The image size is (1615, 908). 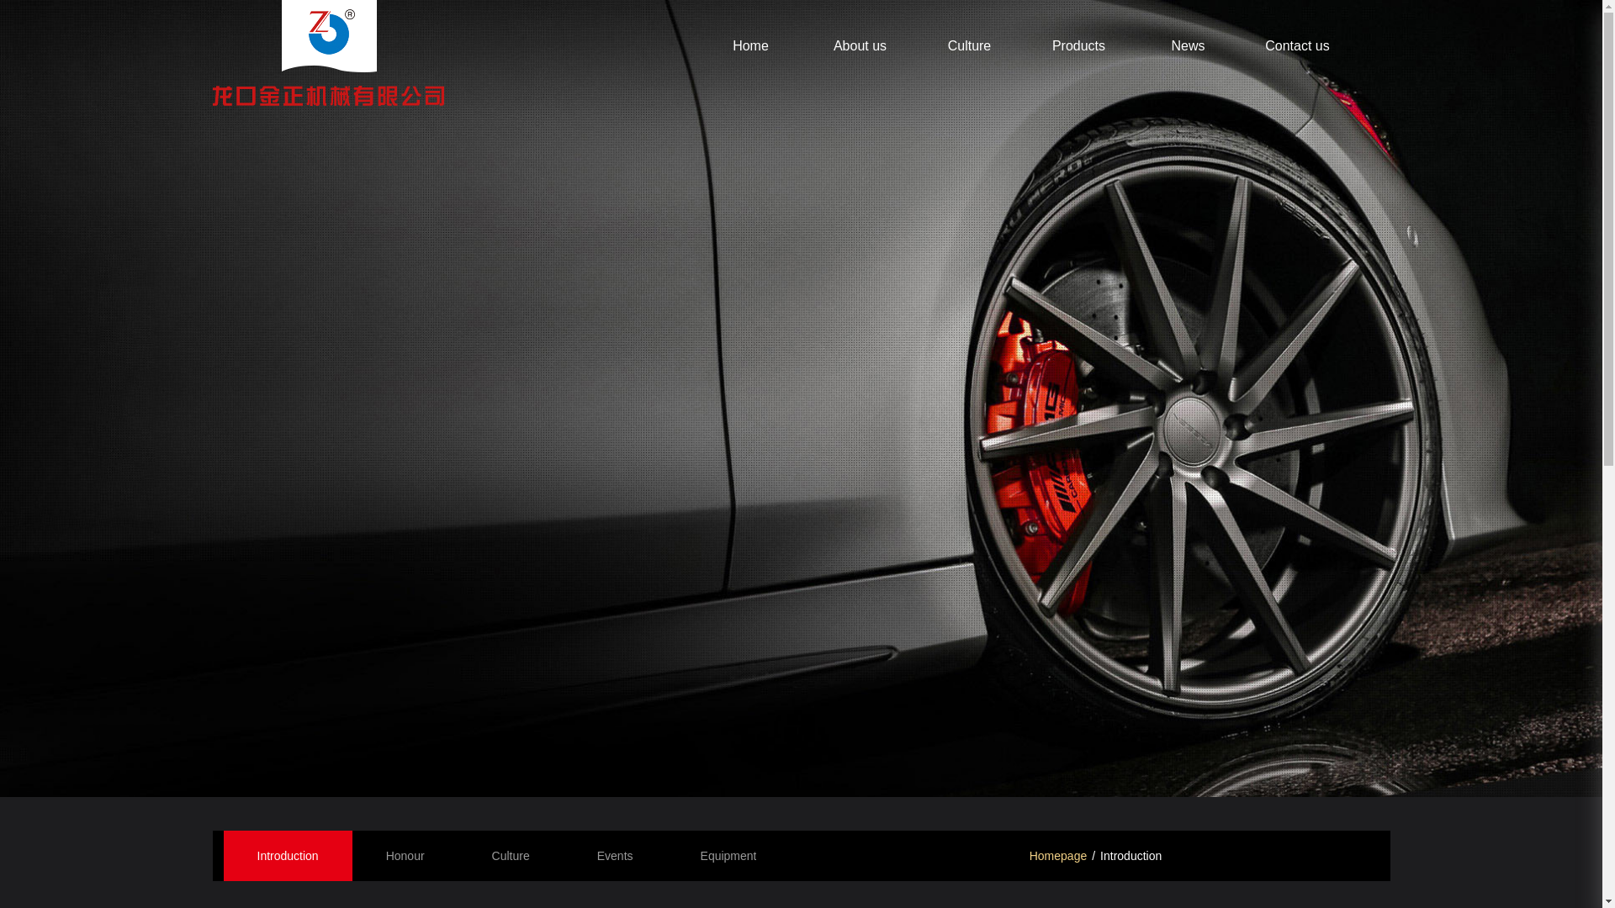 I want to click on 'Homepage', so click(x=1057, y=856).